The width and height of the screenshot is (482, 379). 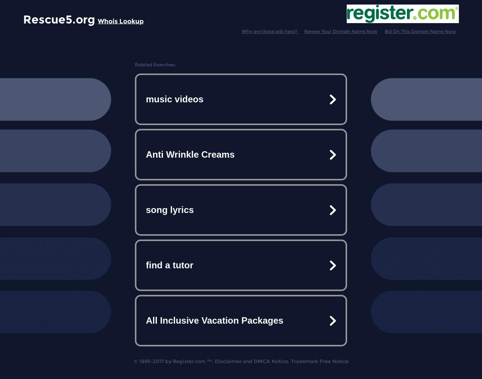 I want to click on 'Why are these ads here?', so click(x=241, y=31).